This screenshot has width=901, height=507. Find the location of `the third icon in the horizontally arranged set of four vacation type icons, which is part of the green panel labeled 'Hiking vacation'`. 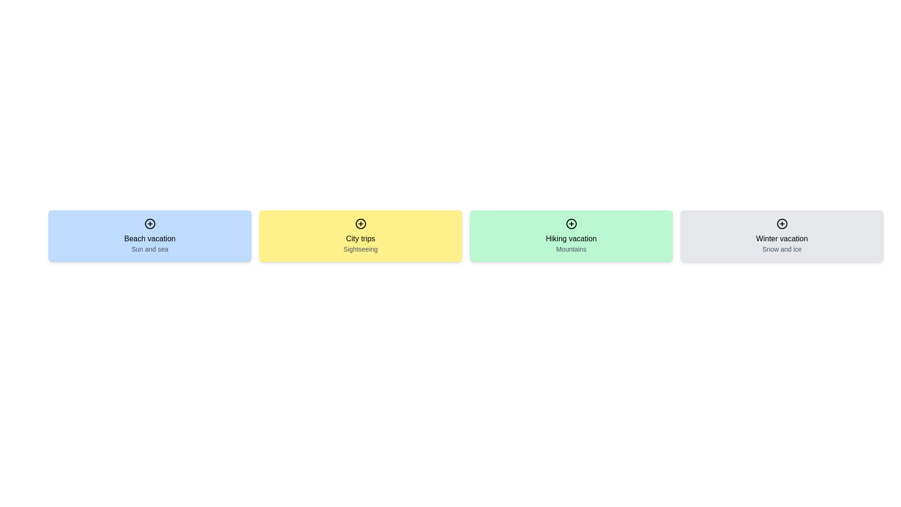

the third icon in the horizontally arranged set of four vacation type icons, which is part of the green panel labeled 'Hiking vacation' is located at coordinates (571, 224).